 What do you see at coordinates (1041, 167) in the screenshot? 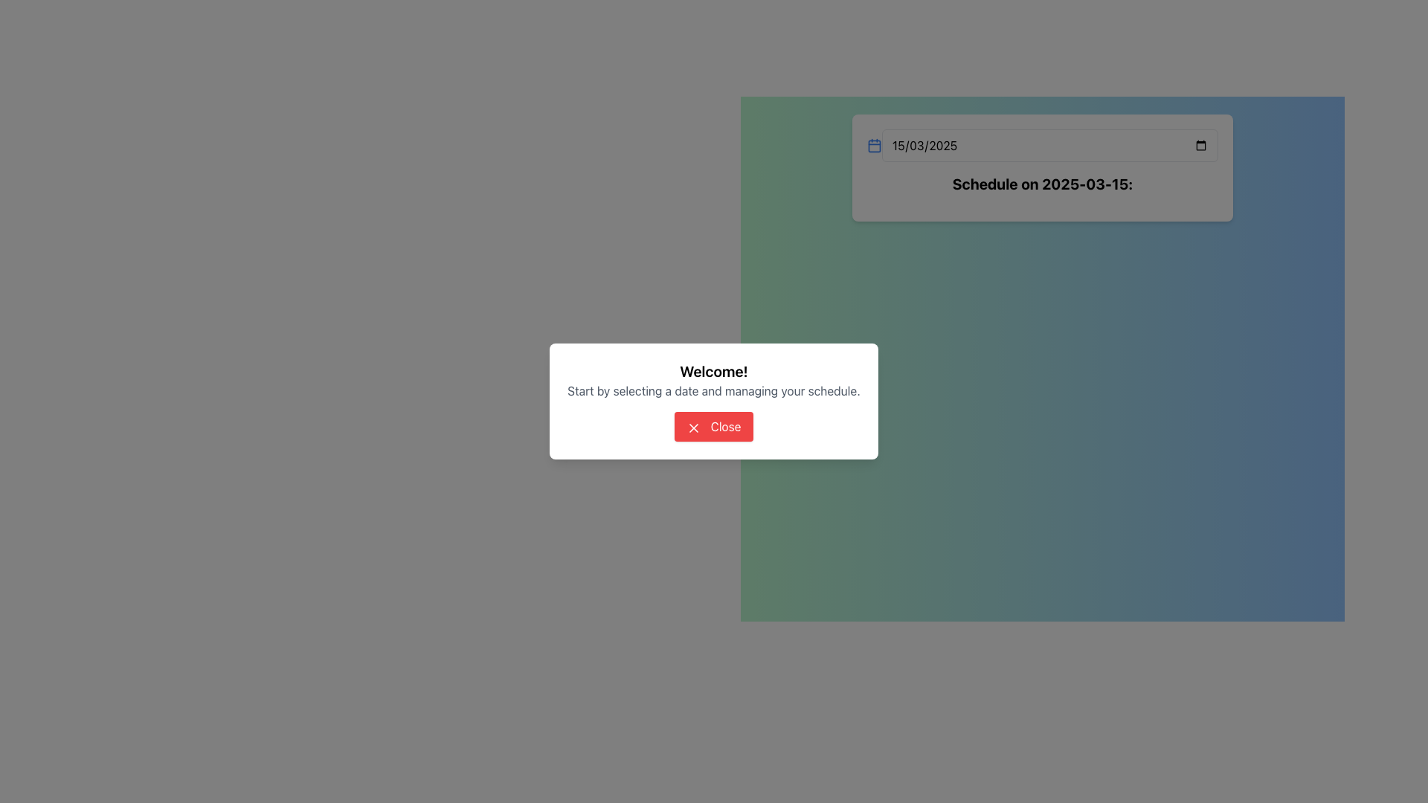
I see `the displayed date and header text by clicking on the card with the bold header 'Schedule on 2025-03-15:' located in the upper-central area of the interface` at bounding box center [1041, 167].